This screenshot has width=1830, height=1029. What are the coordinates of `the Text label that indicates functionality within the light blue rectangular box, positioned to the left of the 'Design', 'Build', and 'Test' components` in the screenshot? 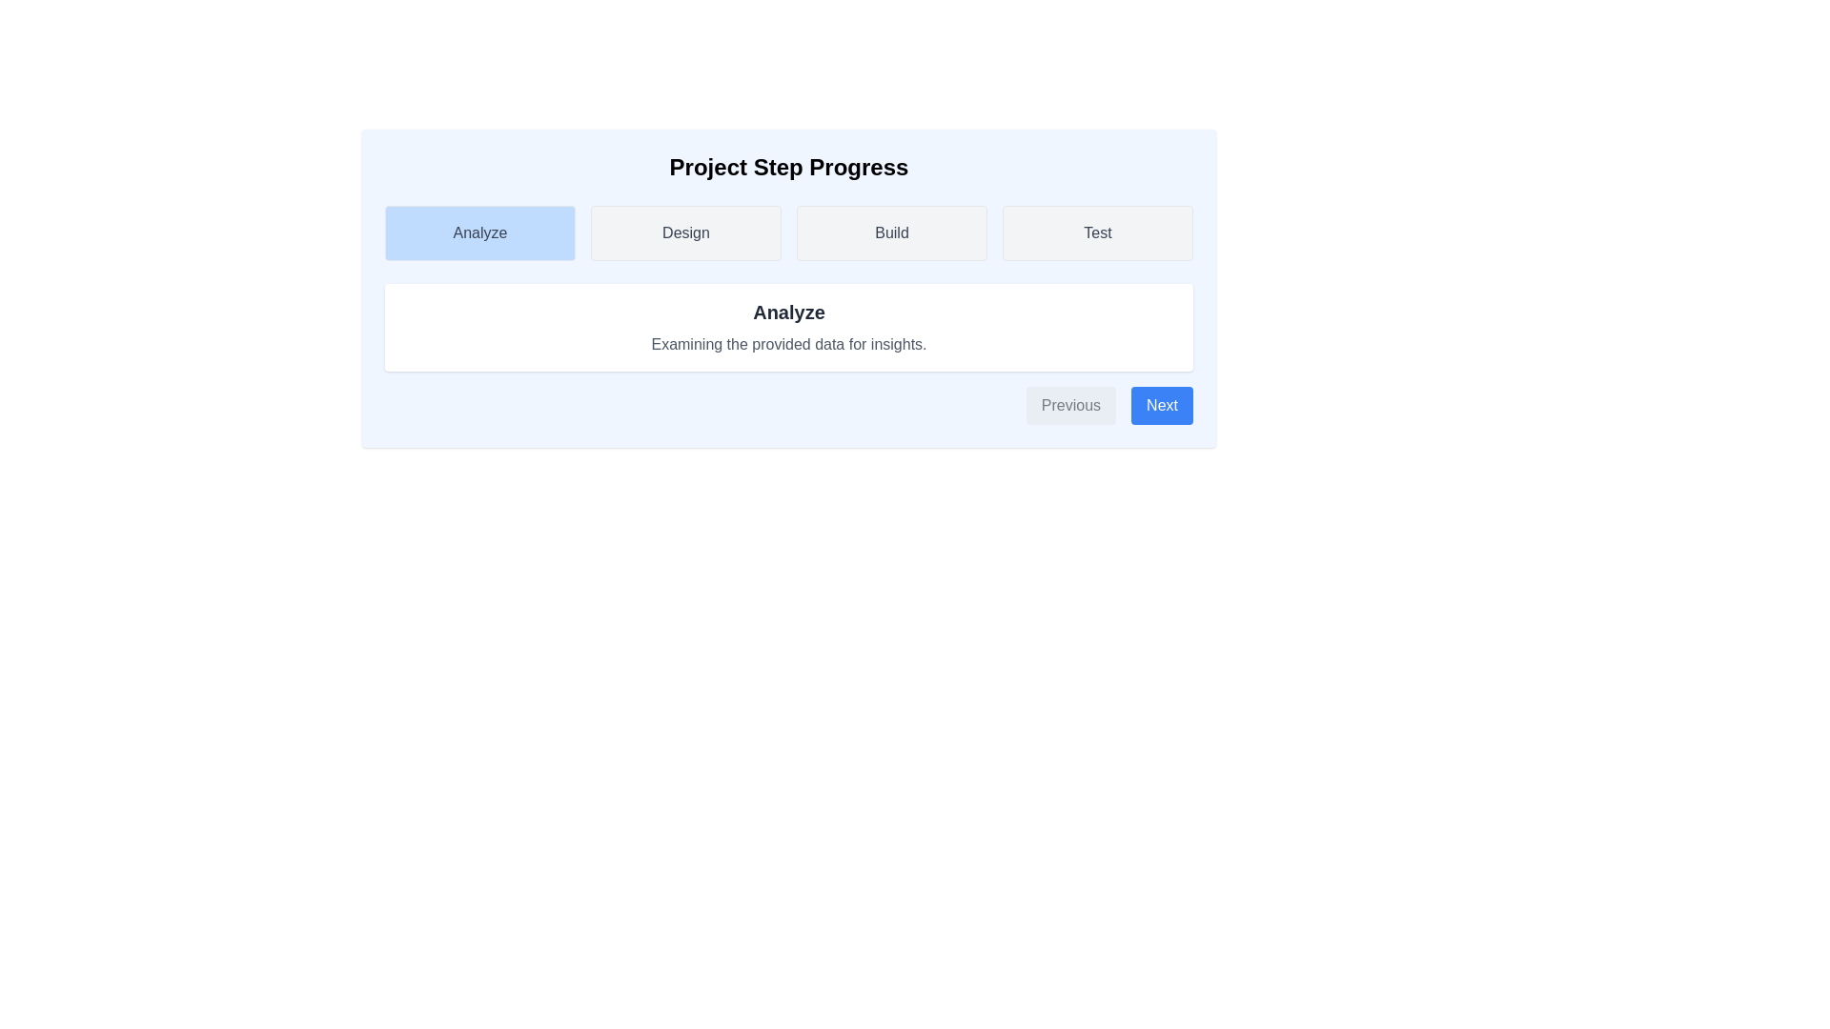 It's located at (480, 232).